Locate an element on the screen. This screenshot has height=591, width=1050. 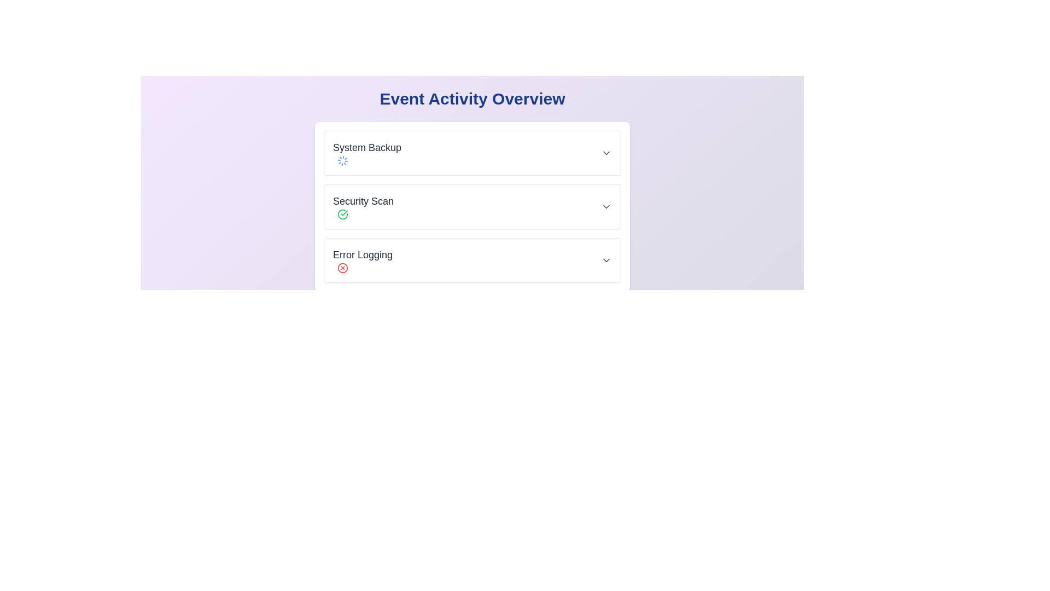
the 'System Backup' header text, which is styled in a large, bold font and prominently displayed in the center-left area of a white module is located at coordinates (367, 148).